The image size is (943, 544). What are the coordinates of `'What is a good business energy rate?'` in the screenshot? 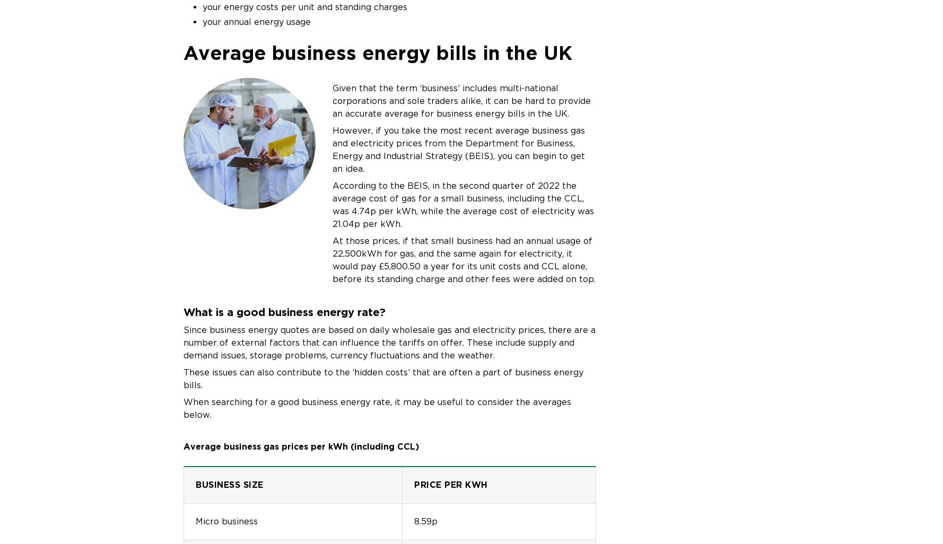 It's located at (182, 311).